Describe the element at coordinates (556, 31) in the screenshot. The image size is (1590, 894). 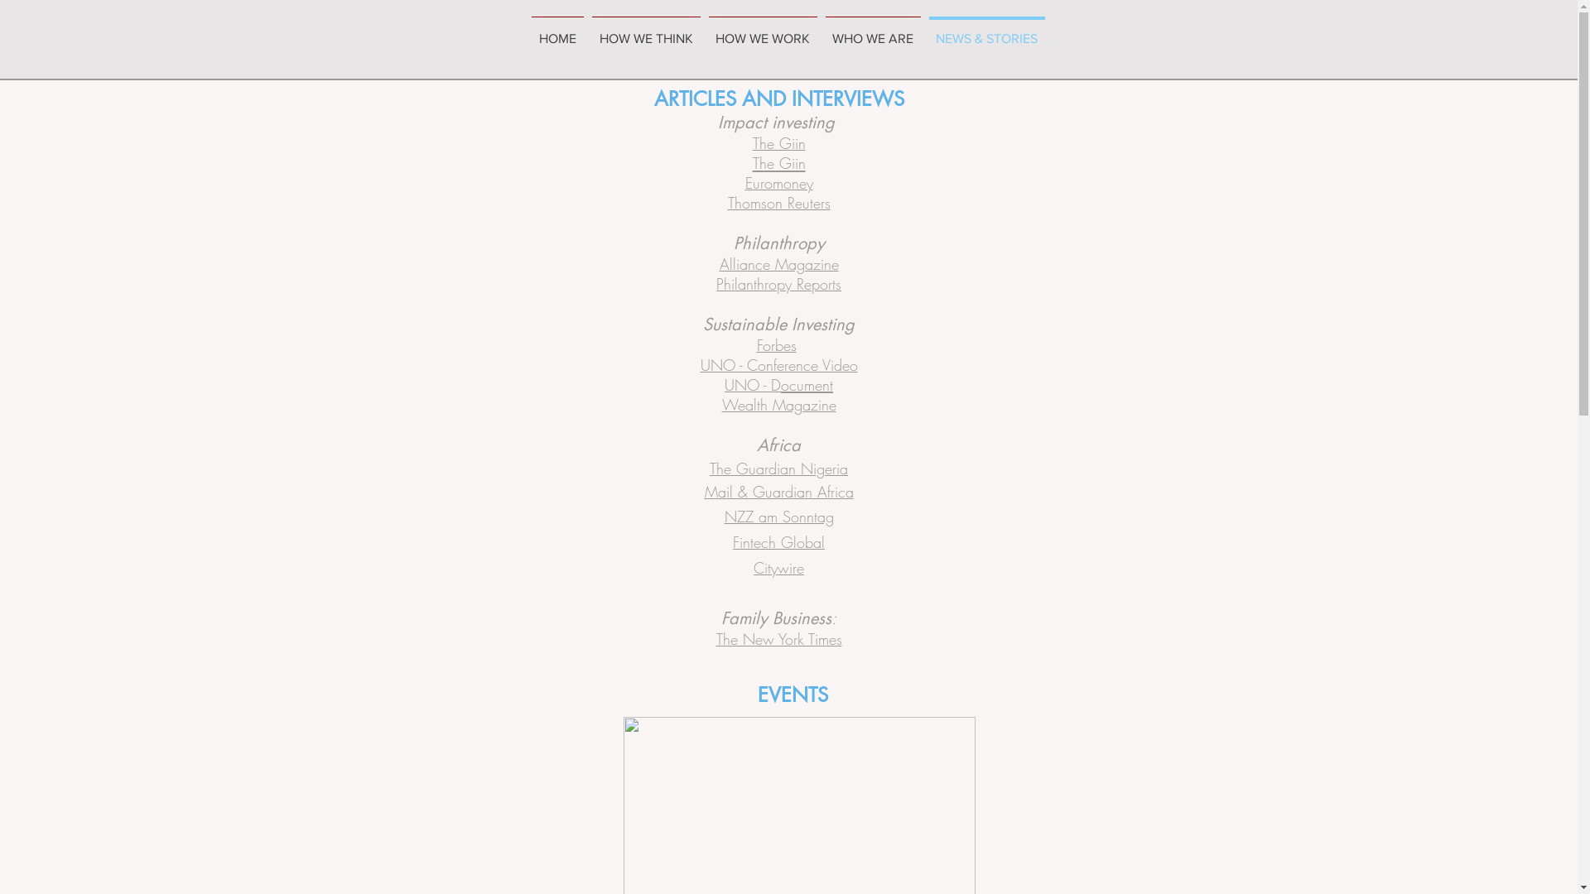
I see `'HOME'` at that location.